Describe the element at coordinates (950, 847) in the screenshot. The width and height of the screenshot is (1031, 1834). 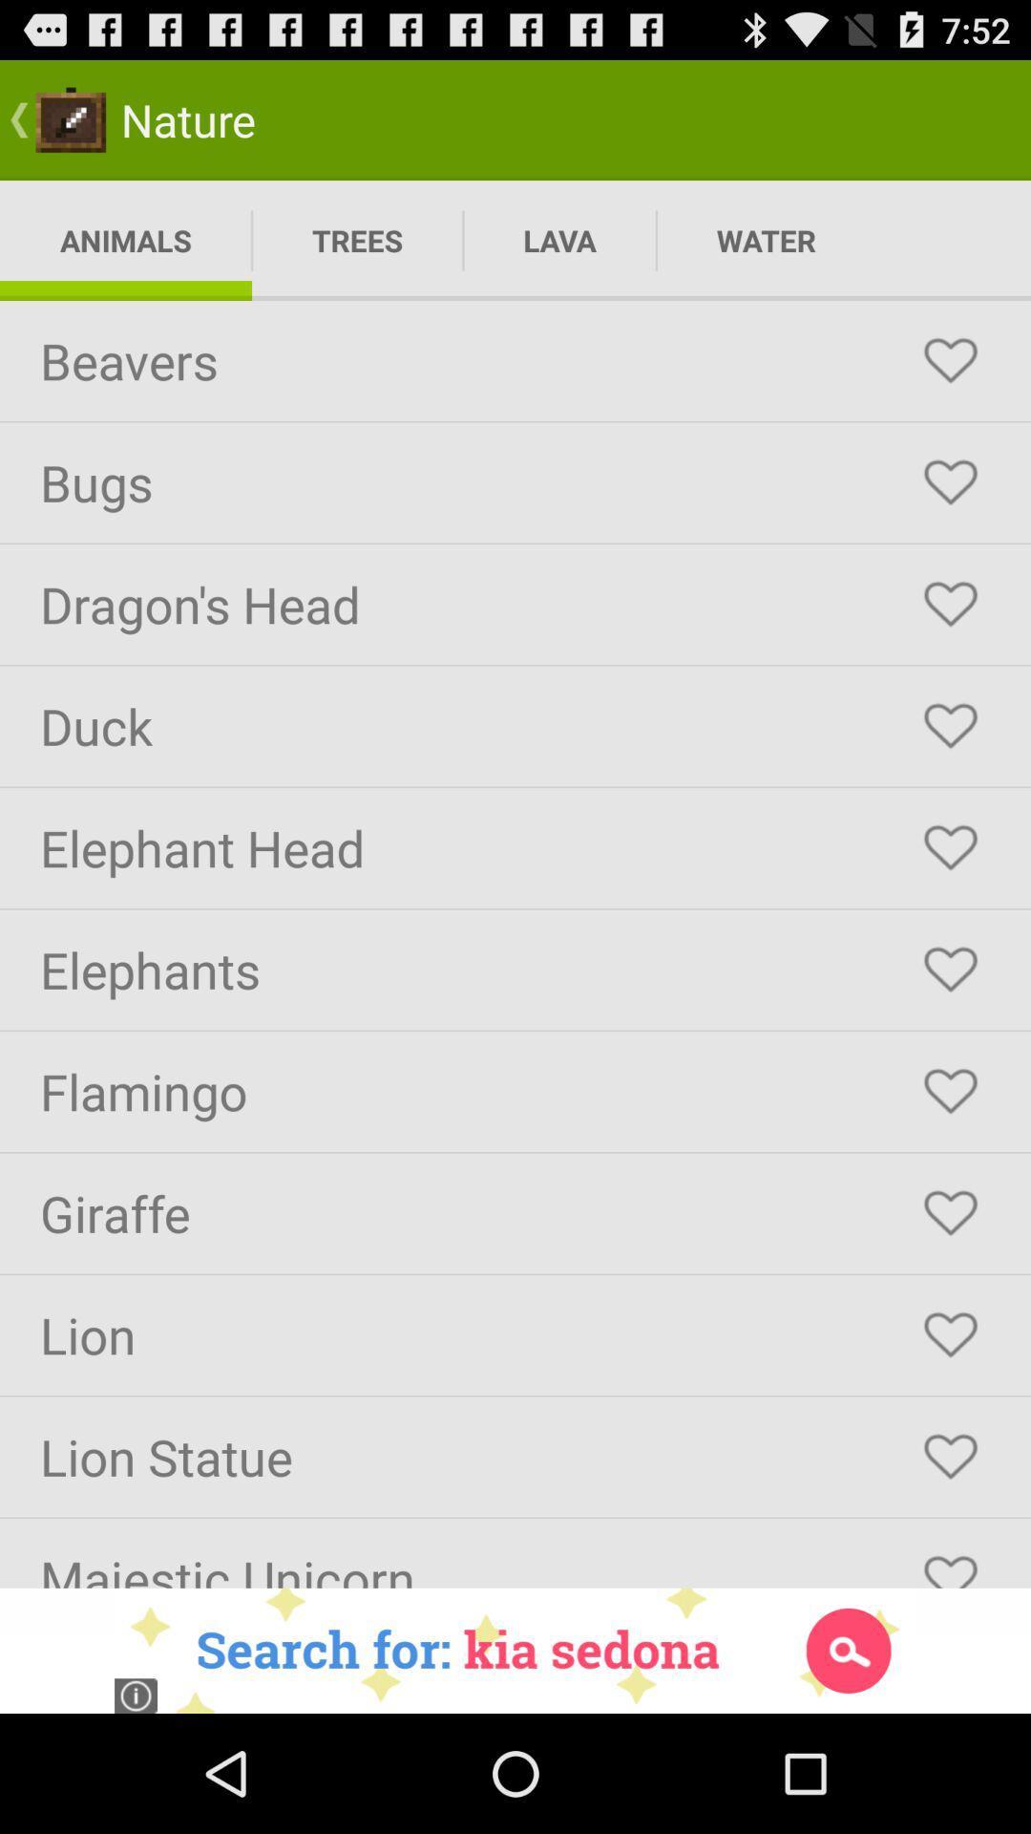
I see `like` at that location.